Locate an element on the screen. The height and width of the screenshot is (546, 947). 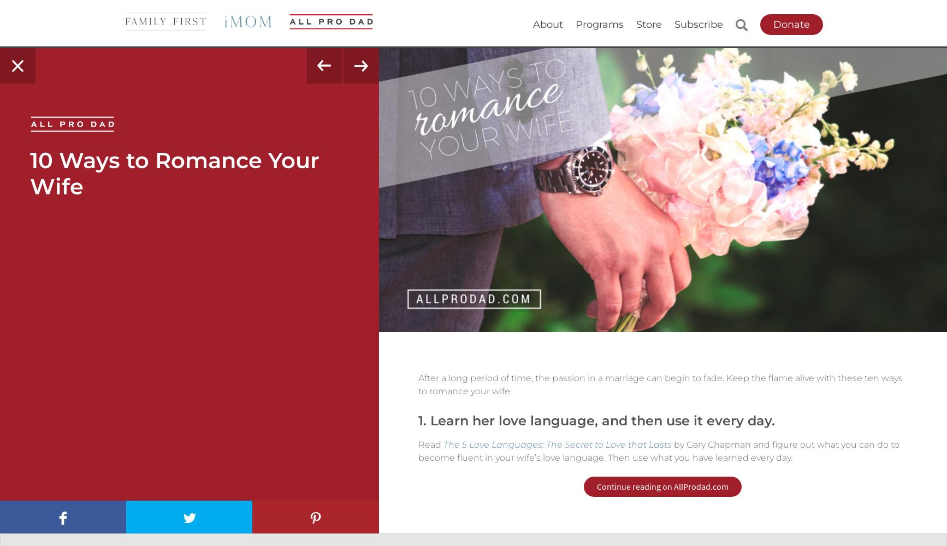
'Continue reading on AllProdad.com' is located at coordinates (662, 486).